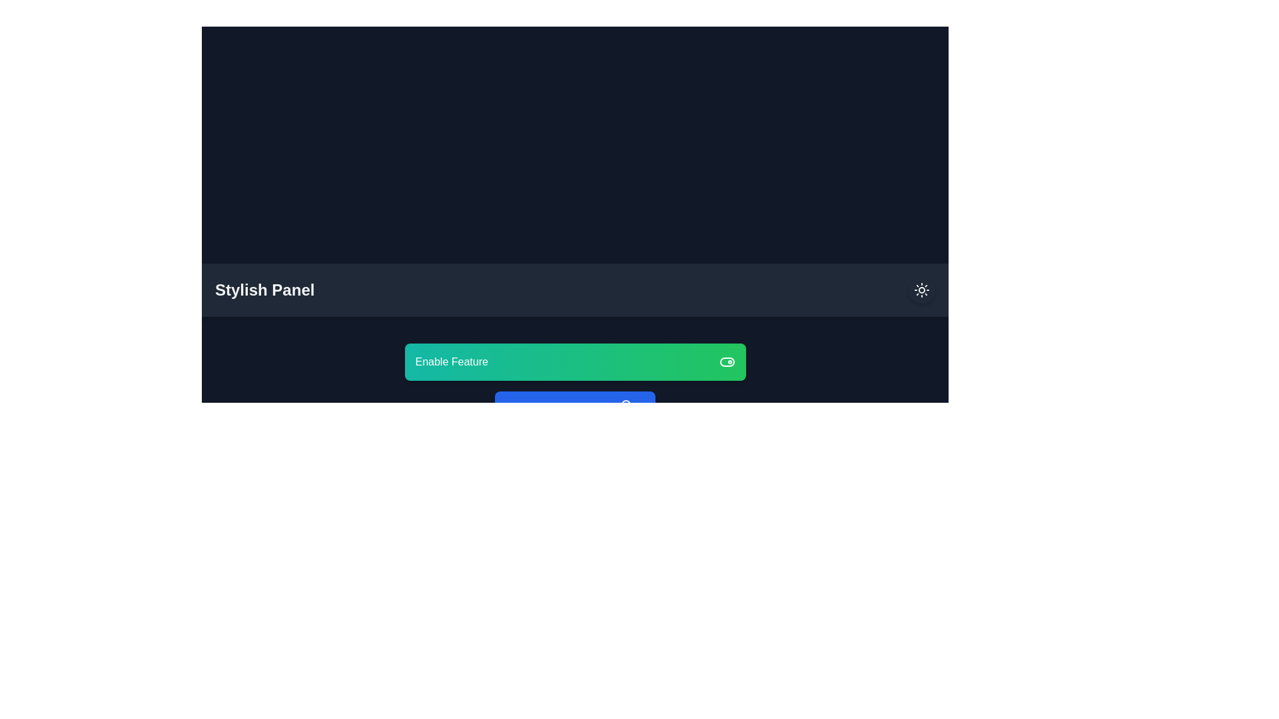 The width and height of the screenshot is (1279, 719). What do you see at coordinates (626, 405) in the screenshot?
I see `the notification indicator represented by a vector graphic shape in the upper section of the interface` at bounding box center [626, 405].